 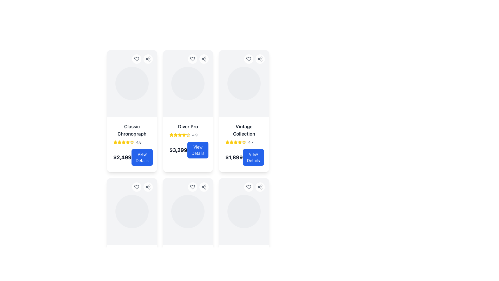 What do you see at coordinates (119, 142) in the screenshot?
I see `the star icon in the rating section of the first product card titled 'Classic Chronograph'` at bounding box center [119, 142].